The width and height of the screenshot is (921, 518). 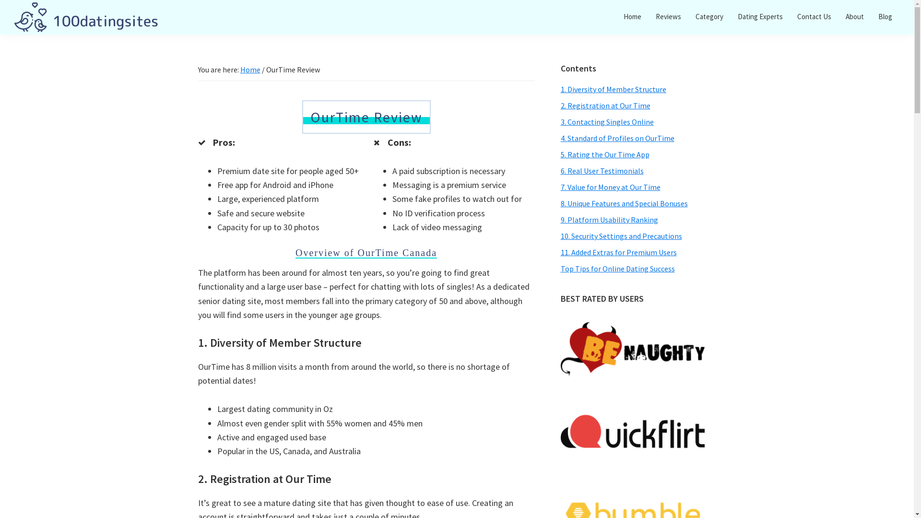 What do you see at coordinates (0, 0) in the screenshot?
I see `'Skip to primary navigation'` at bounding box center [0, 0].